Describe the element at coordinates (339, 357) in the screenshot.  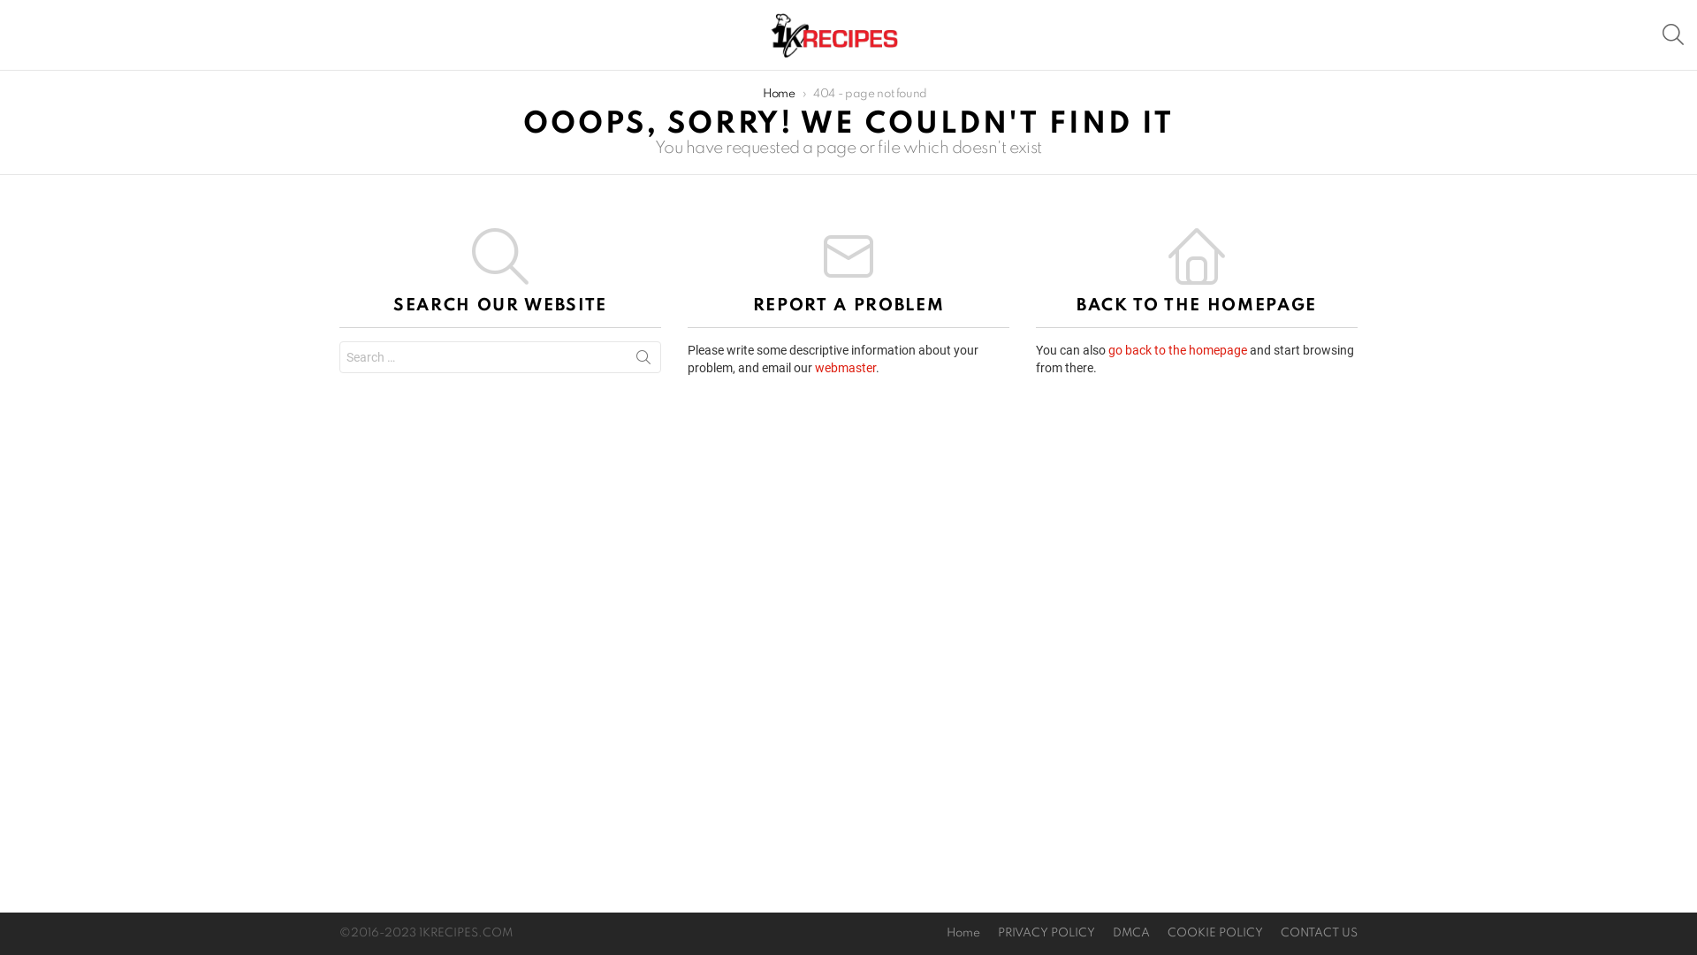
I see `'Search for:'` at that location.